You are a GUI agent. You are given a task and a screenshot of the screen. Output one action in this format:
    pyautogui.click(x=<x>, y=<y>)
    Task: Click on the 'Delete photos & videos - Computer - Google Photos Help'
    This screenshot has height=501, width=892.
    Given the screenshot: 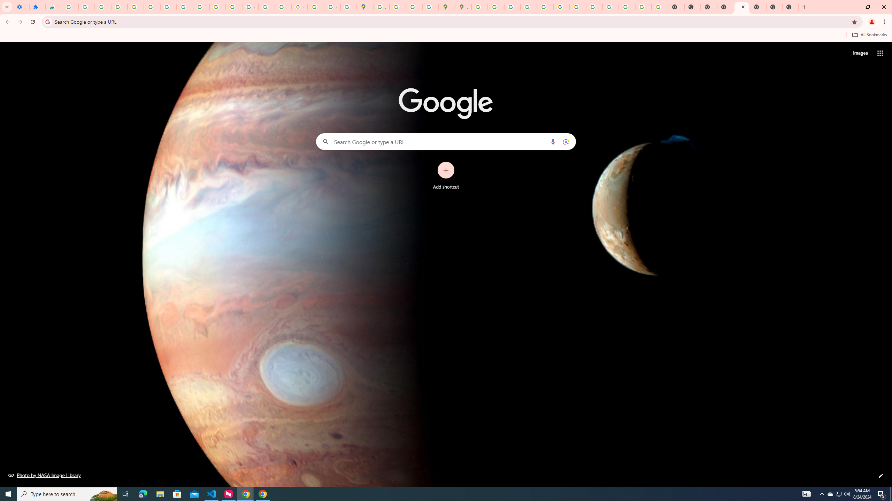 What is the action you would take?
    pyautogui.click(x=102, y=7)
    